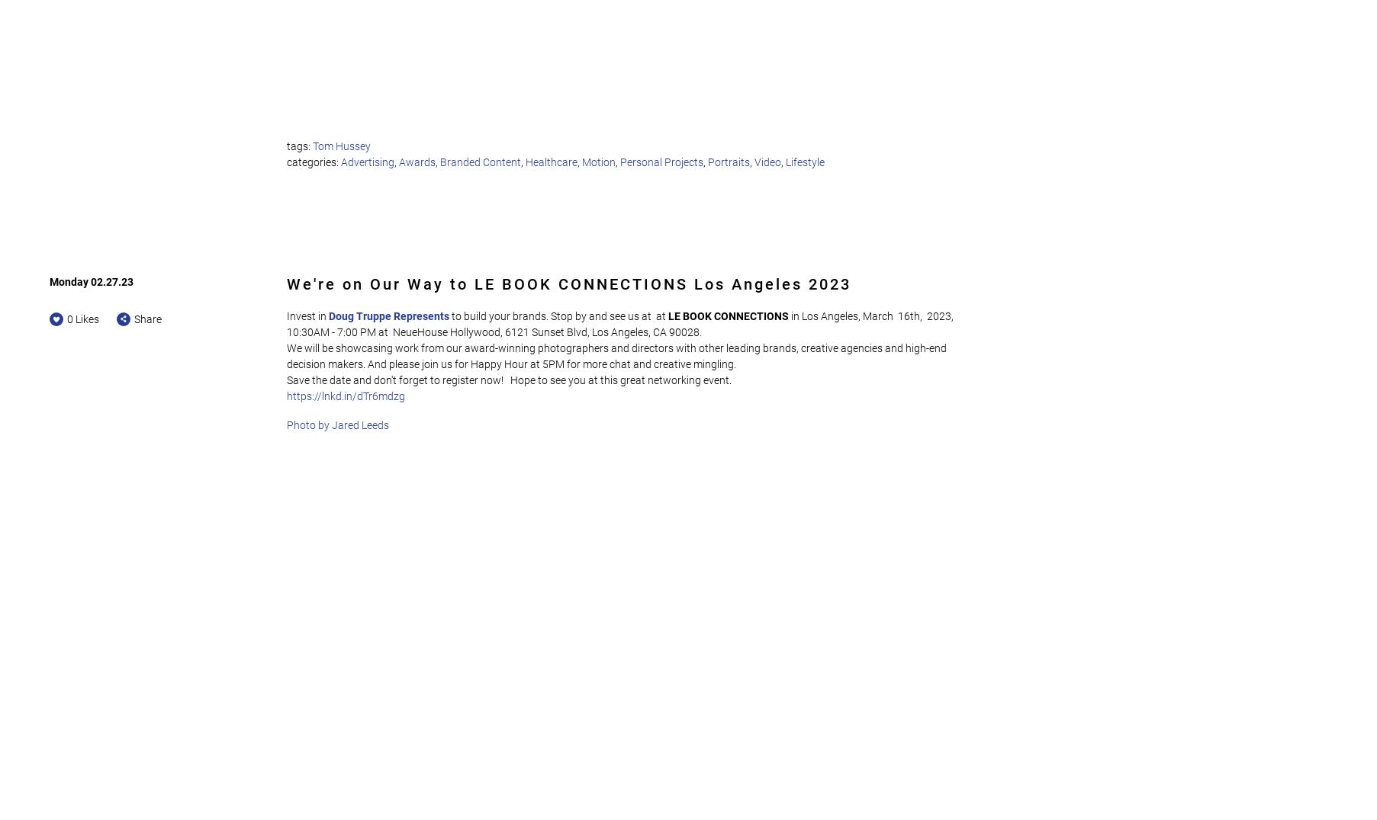 The image size is (1377, 820). What do you see at coordinates (336, 424) in the screenshot?
I see `'Photo by Jared Leeds'` at bounding box center [336, 424].